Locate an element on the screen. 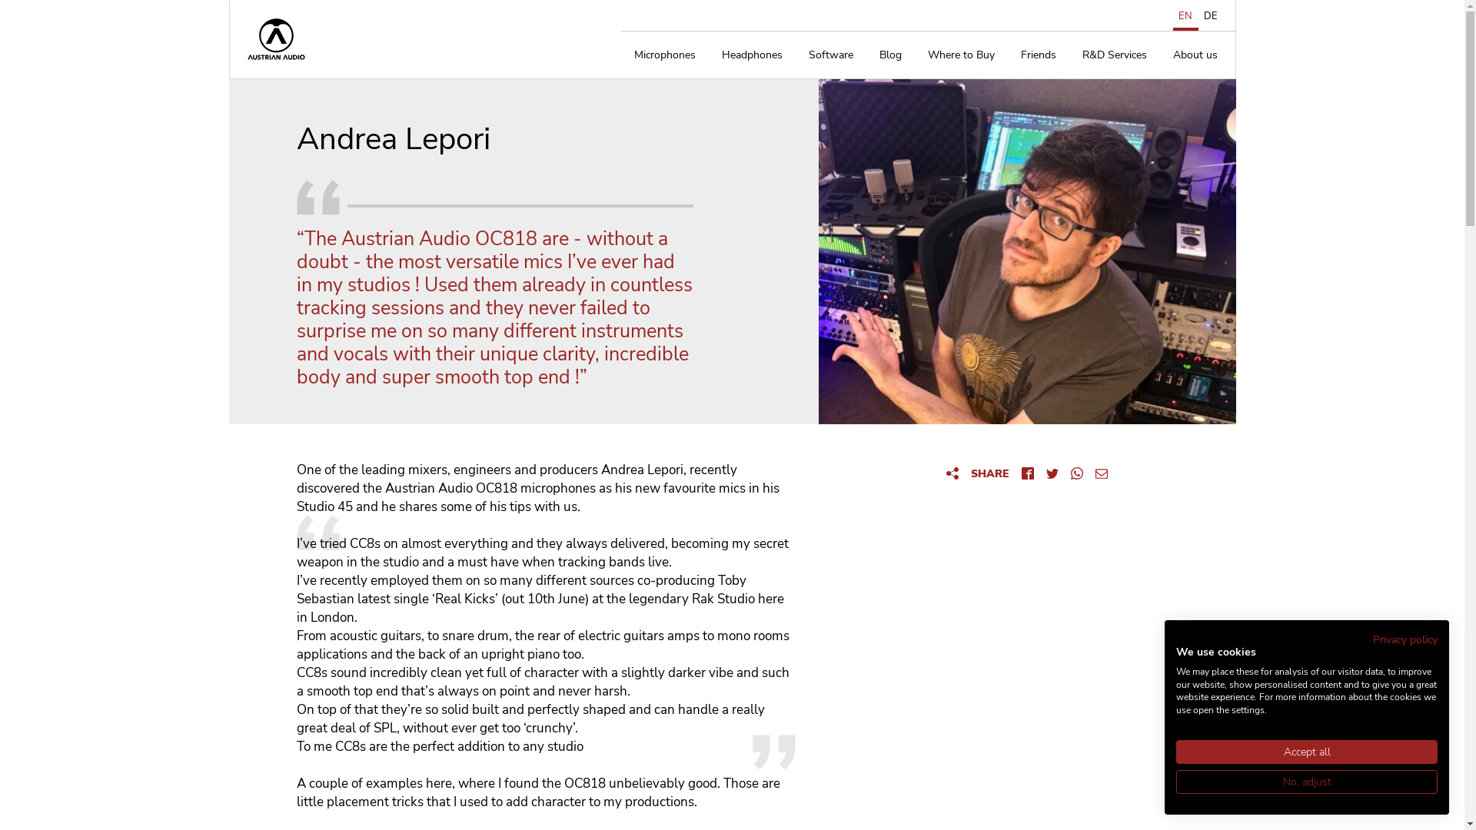 This screenshot has width=1476, height=830. 'Friends' is located at coordinates (1037, 55).